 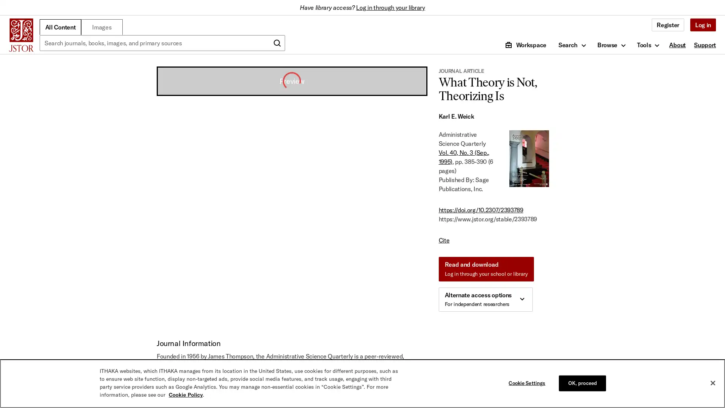 What do you see at coordinates (277, 43) in the screenshot?
I see `Submit search` at bounding box center [277, 43].